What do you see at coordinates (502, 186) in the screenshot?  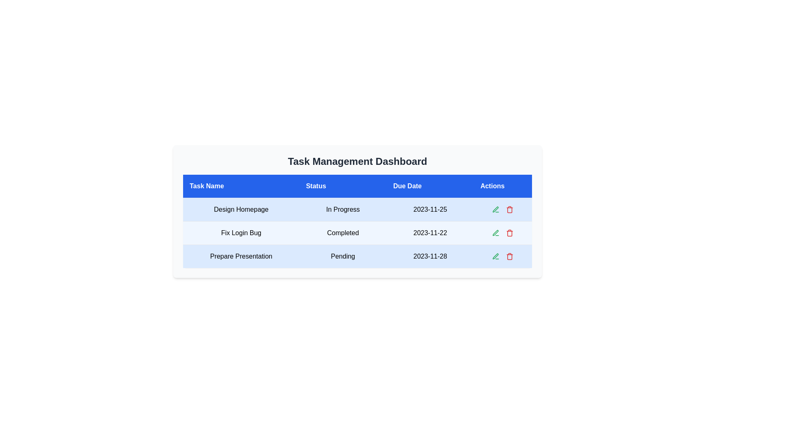 I see `the 'Actions' header with a blue background and white text, located on the rightmost side of the header row in the 'Task Management Dashboard' table` at bounding box center [502, 186].